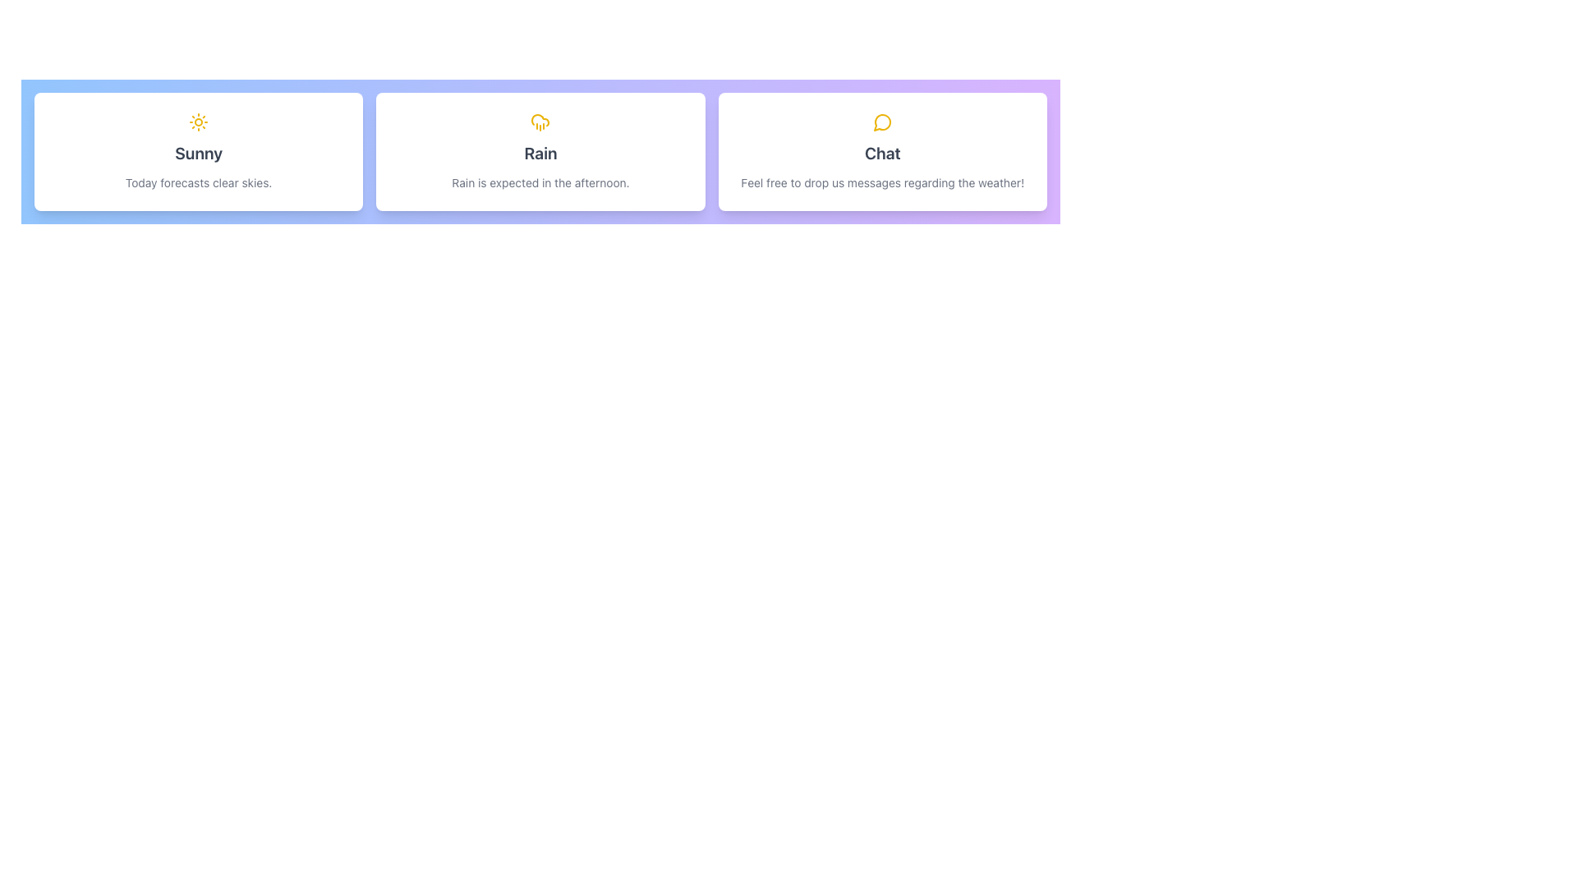 This screenshot has width=1577, height=887. I want to click on informational text label located beneath the title 'Chat' in the rightmost card, which provides context for the 'Chat' feature, so click(881, 183).